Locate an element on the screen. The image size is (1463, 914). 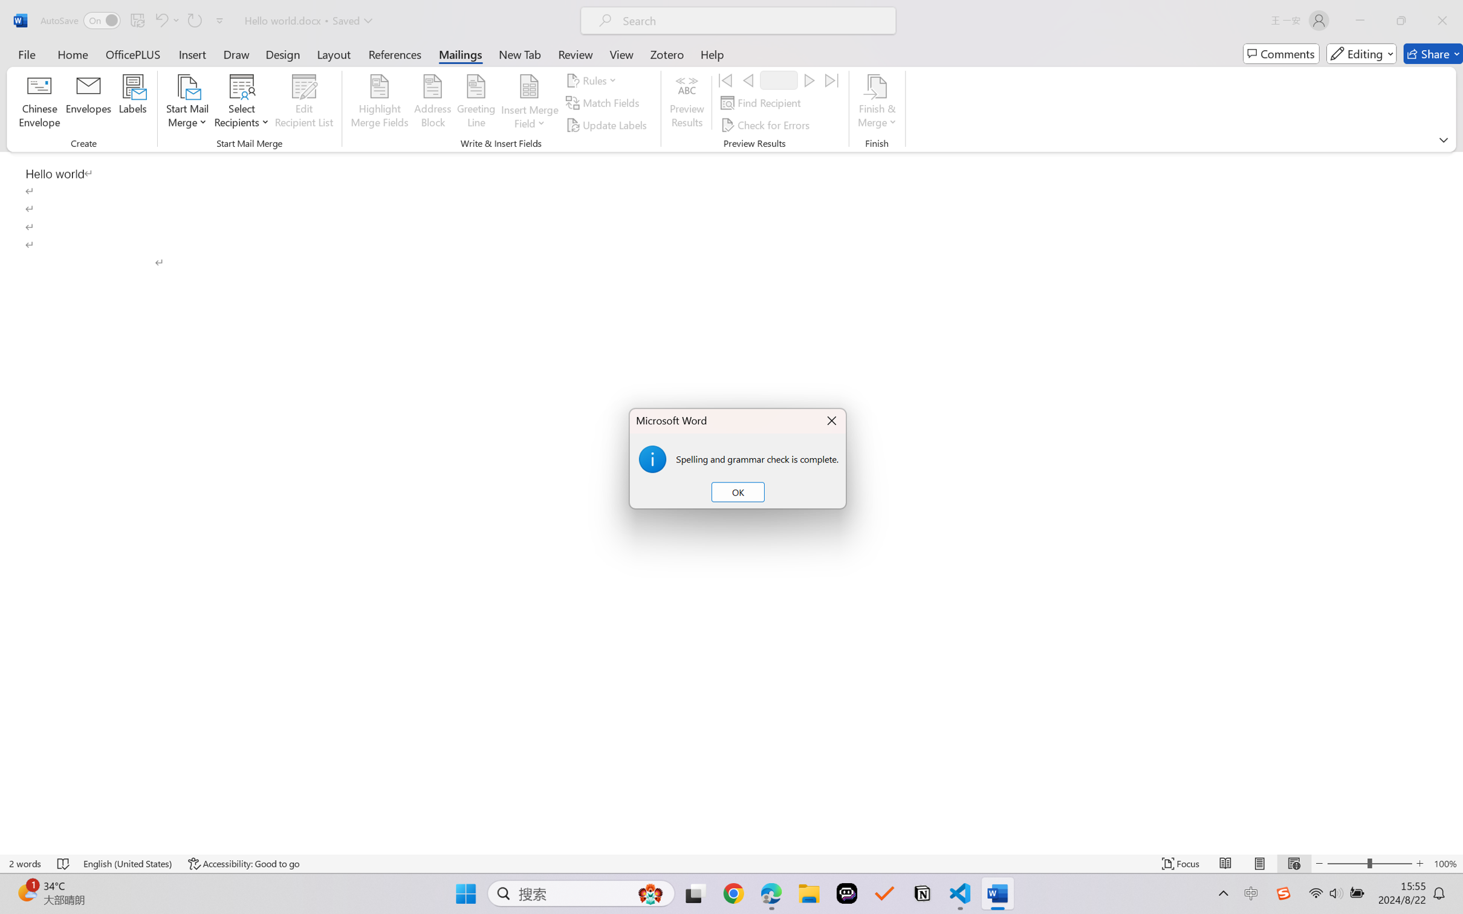
'Draw' is located at coordinates (236, 53).